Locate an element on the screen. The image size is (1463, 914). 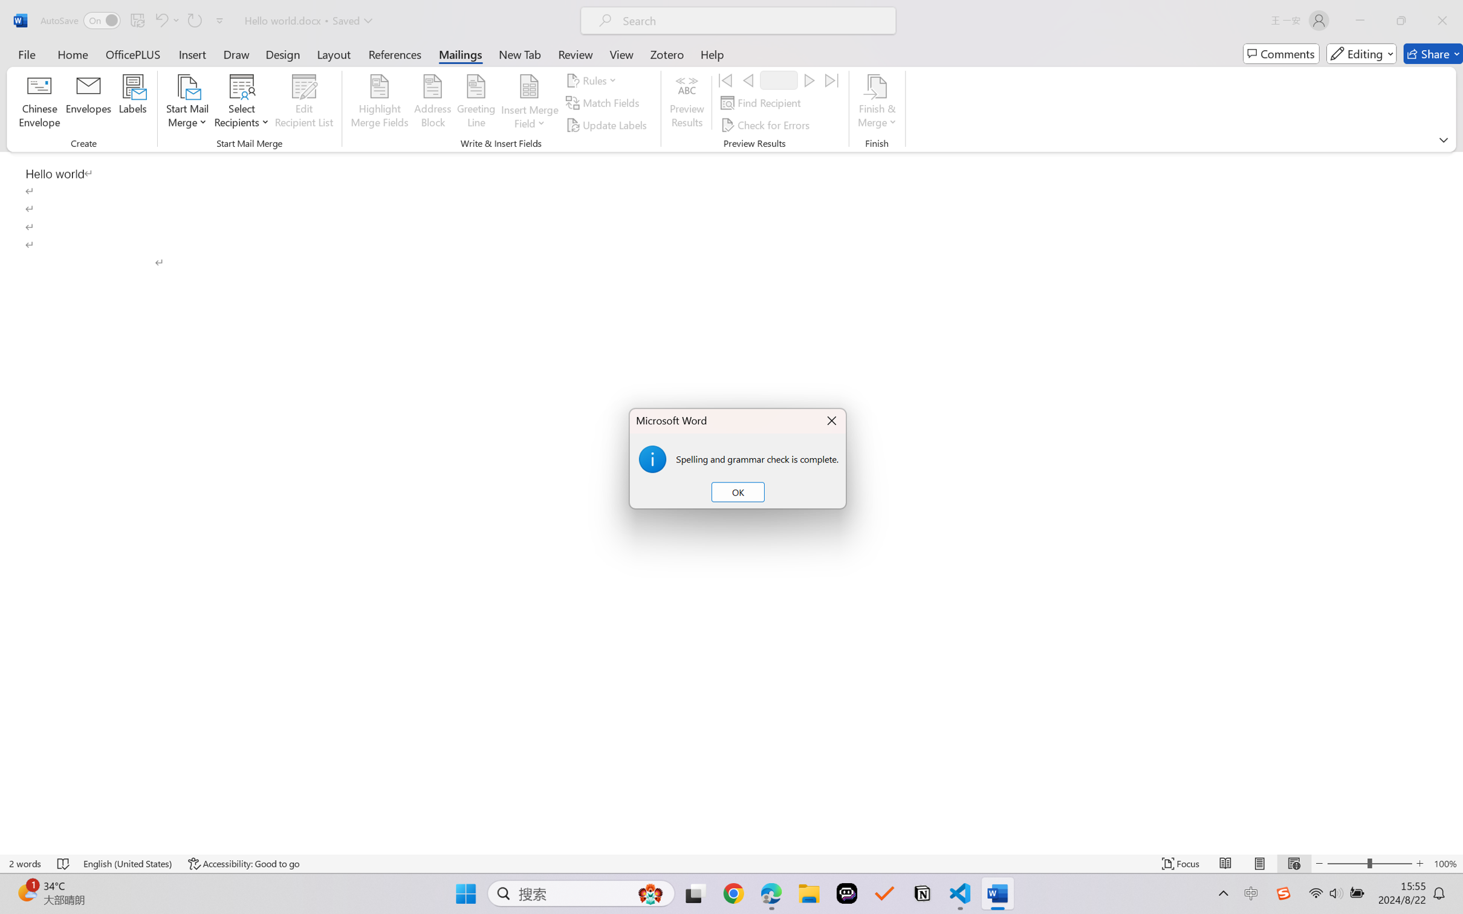
'Draw' is located at coordinates (236, 53).